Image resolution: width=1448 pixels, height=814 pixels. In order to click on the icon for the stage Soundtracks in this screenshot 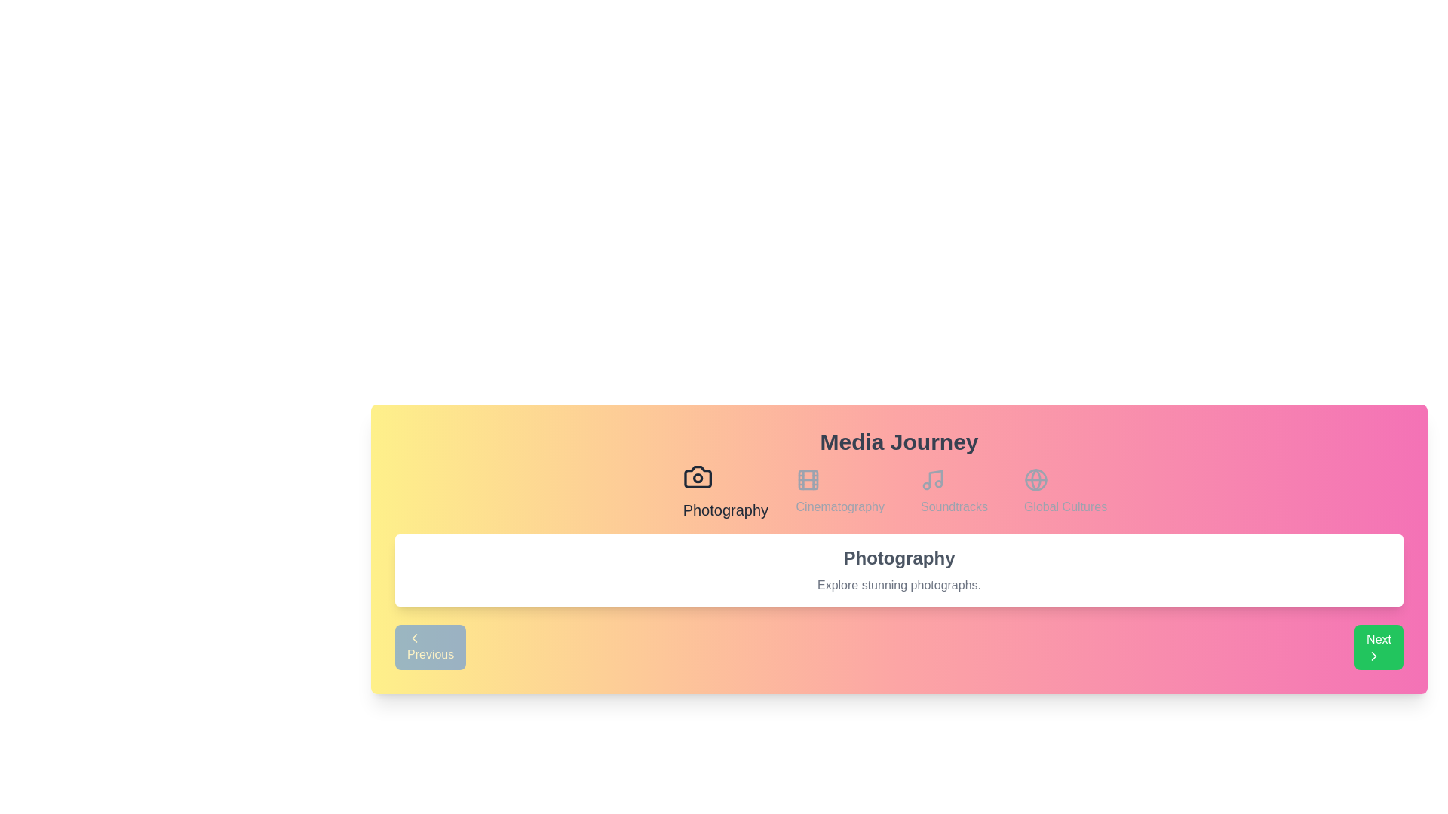, I will do `click(953, 491)`.